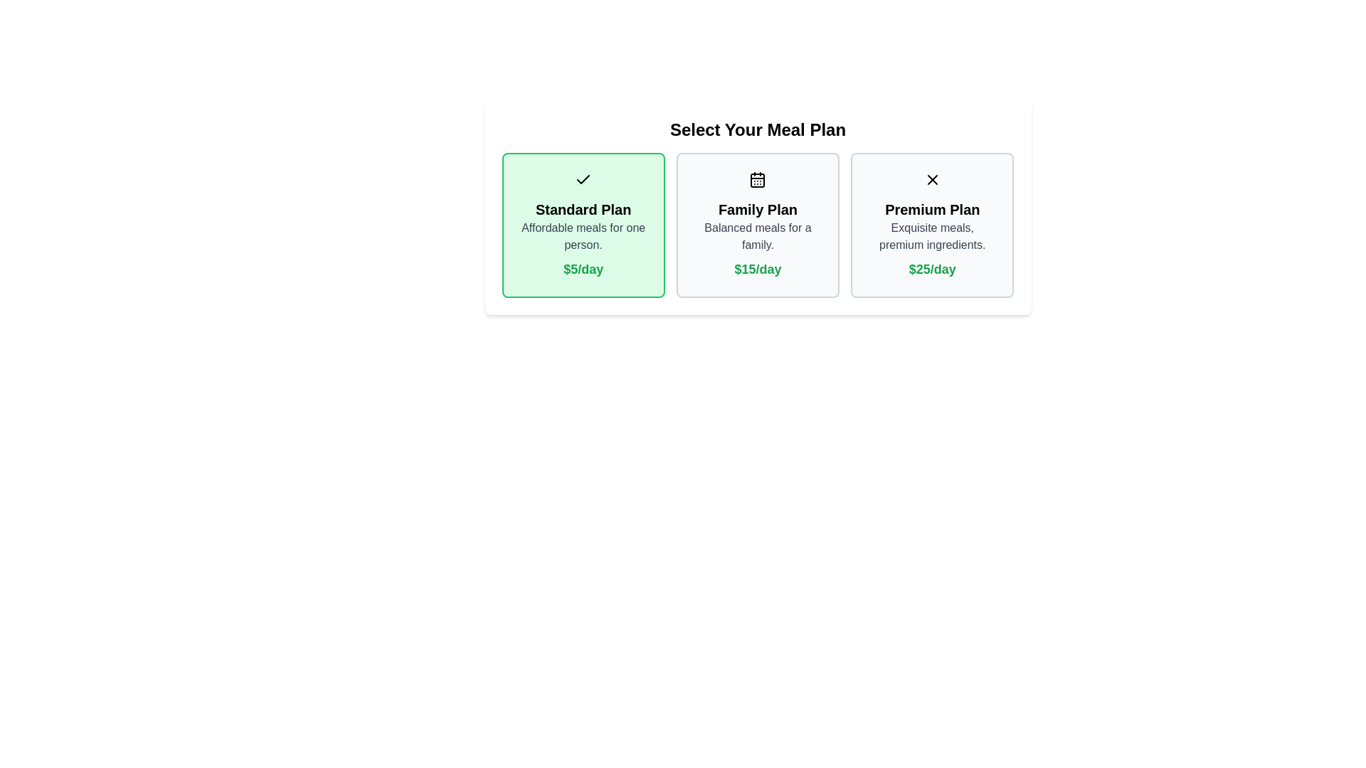  Describe the element at coordinates (757, 224) in the screenshot. I see `information regarding the 'Family Plan' in the central column of the meal subscription layout` at that location.